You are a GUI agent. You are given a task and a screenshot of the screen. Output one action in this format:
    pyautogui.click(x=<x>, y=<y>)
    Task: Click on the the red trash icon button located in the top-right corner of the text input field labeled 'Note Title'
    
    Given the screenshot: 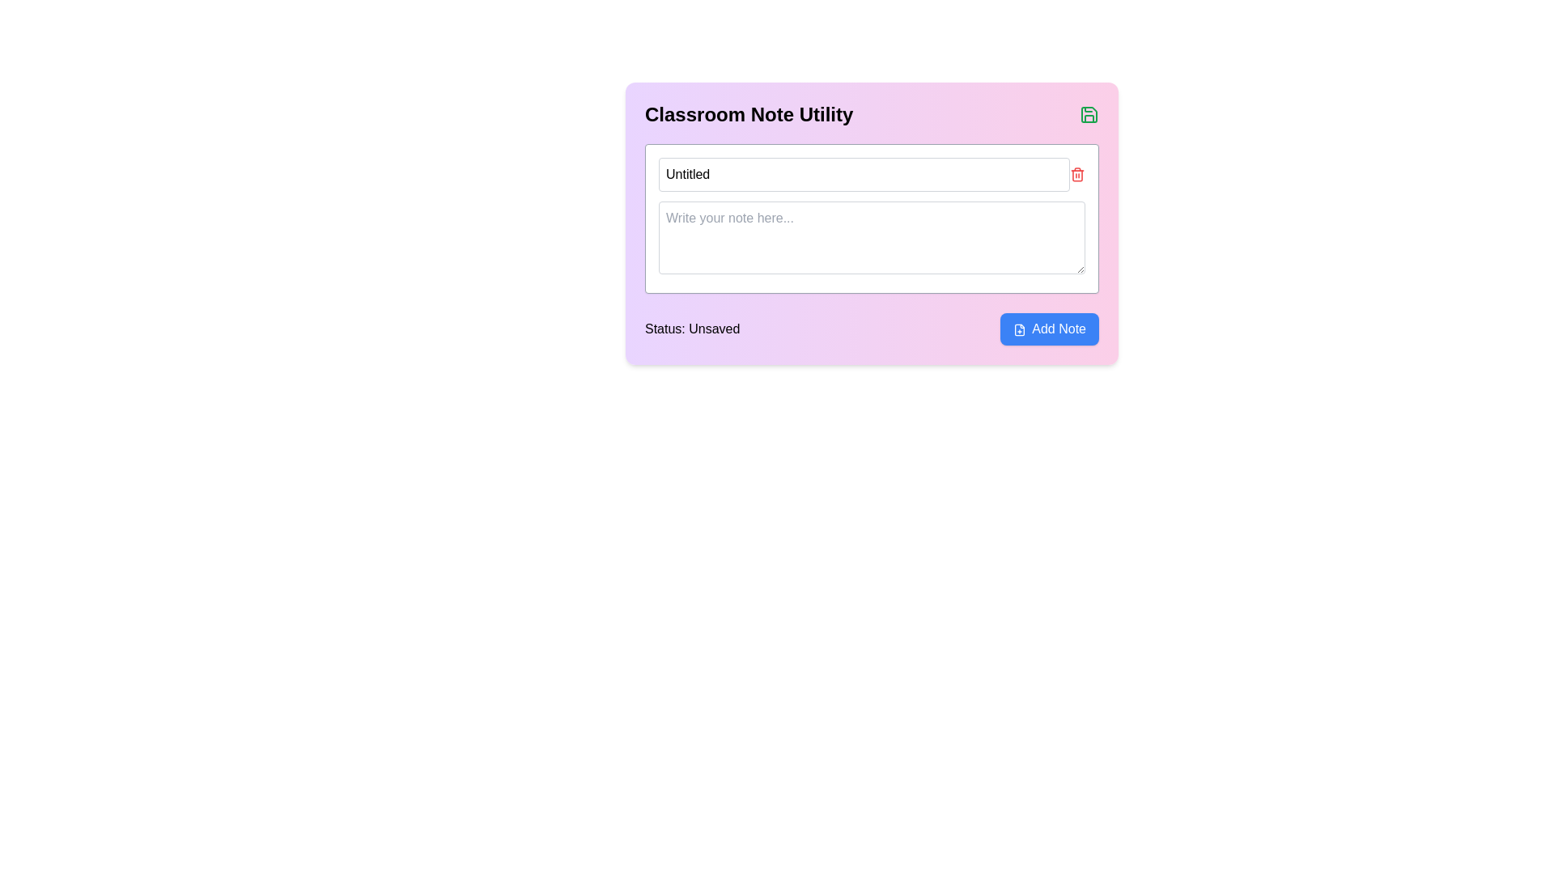 What is the action you would take?
    pyautogui.click(x=1077, y=175)
    